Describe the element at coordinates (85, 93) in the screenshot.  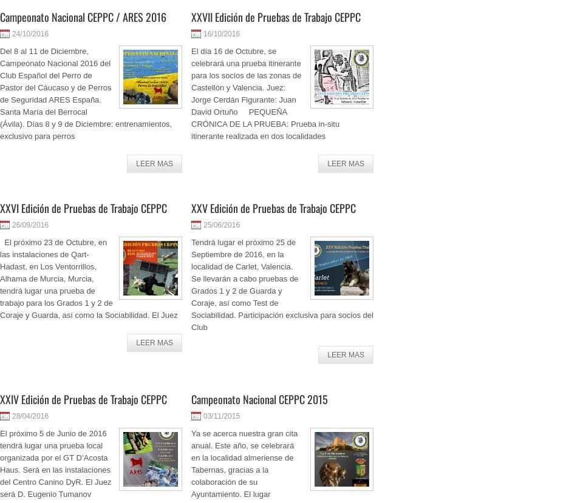
I see `'Del 8 al 11 de Diciembre, Campeonato Nacional 2016 del Club Español del Perro de Pastor del Cáucaso y de Perros de Seguridad ARES España. Santa María del Berrocal (Ávila). Días 8 y 9 de Diciembre: entrenamientos, exclusivo para perros'` at that location.